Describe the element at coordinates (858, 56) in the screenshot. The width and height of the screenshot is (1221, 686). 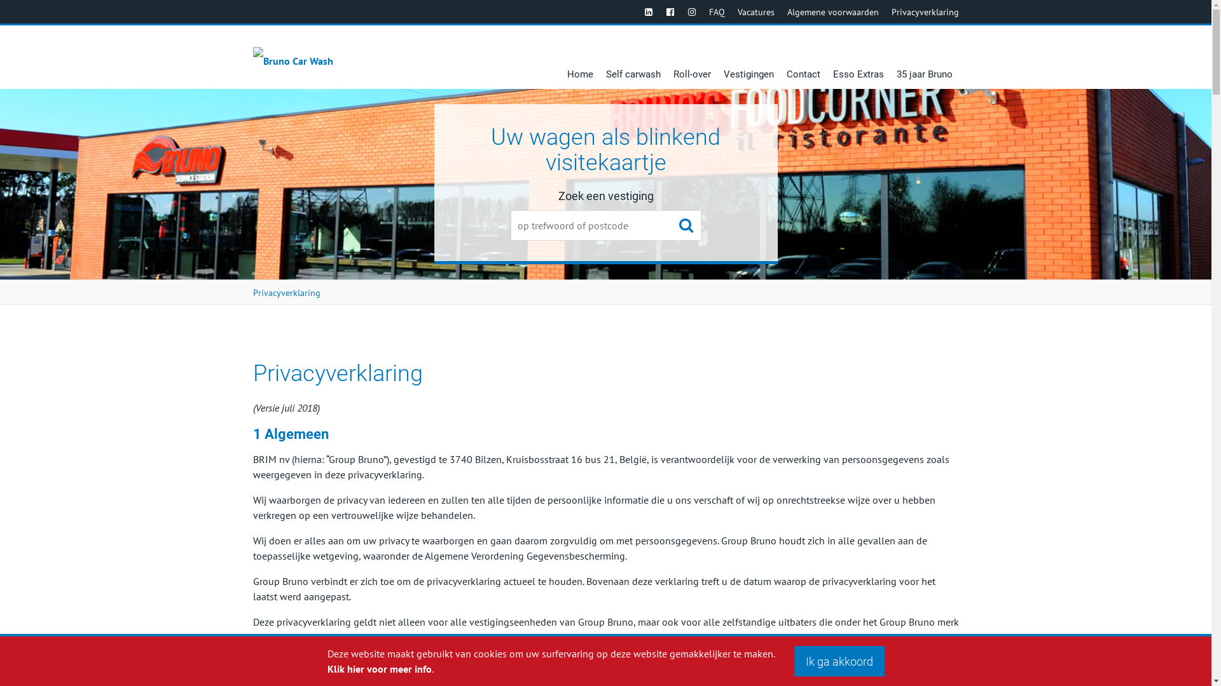
I see `'Esso Extras'` at that location.